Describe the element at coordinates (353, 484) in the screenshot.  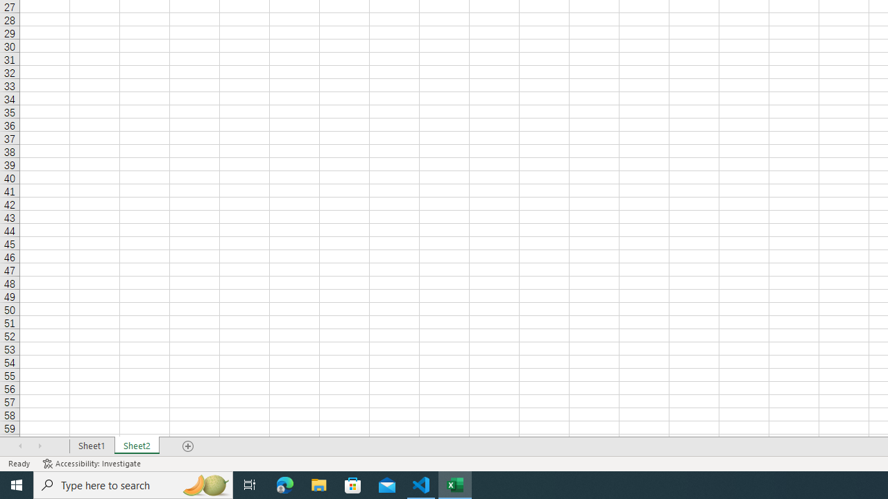
I see `'Microsoft Store'` at that location.